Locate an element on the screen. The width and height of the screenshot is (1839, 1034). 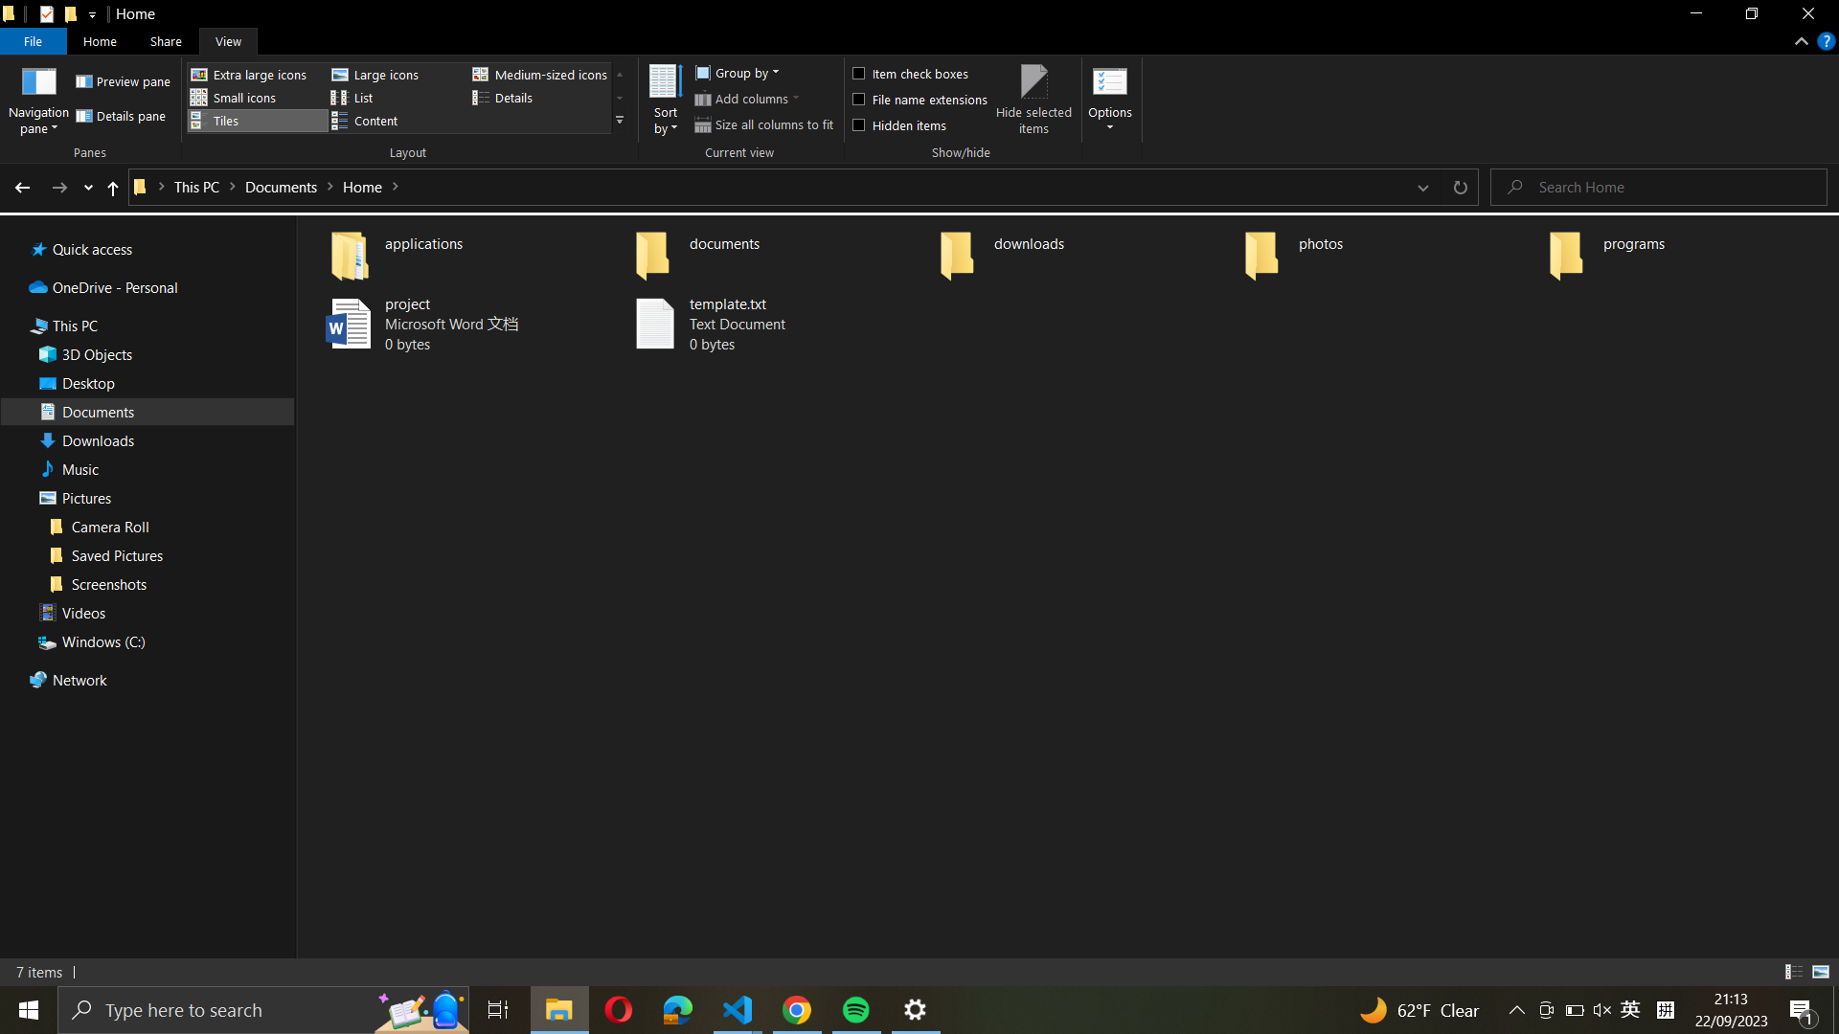
Switch folder display mode to list view is located at coordinates (394, 97).